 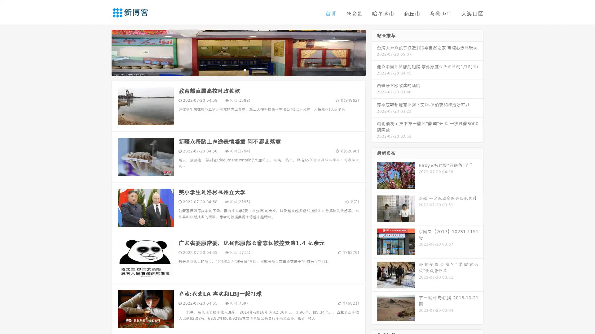 What do you see at coordinates (232, 70) in the screenshot?
I see `Go to slide 1` at bounding box center [232, 70].